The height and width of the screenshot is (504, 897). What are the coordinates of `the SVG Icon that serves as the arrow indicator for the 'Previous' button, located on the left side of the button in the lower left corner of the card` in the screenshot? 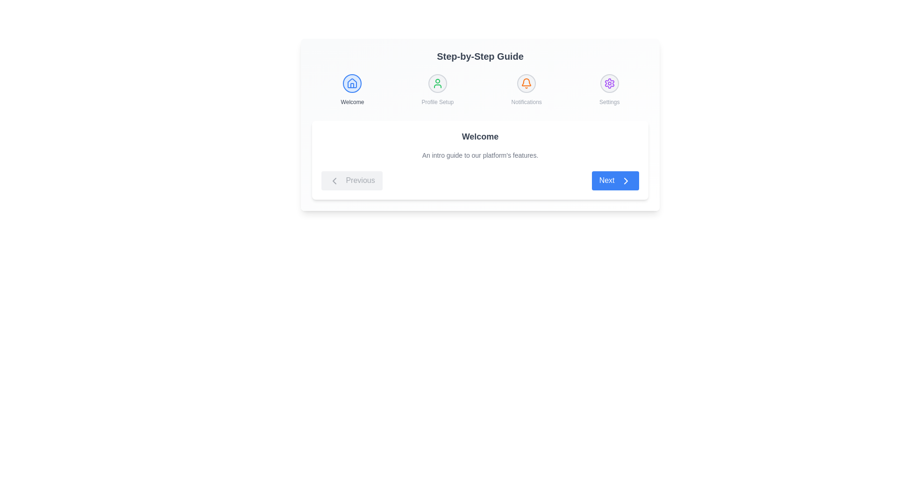 It's located at (334, 181).